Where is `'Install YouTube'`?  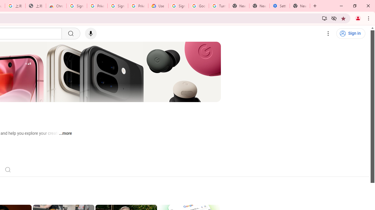 'Install YouTube' is located at coordinates (324, 18).